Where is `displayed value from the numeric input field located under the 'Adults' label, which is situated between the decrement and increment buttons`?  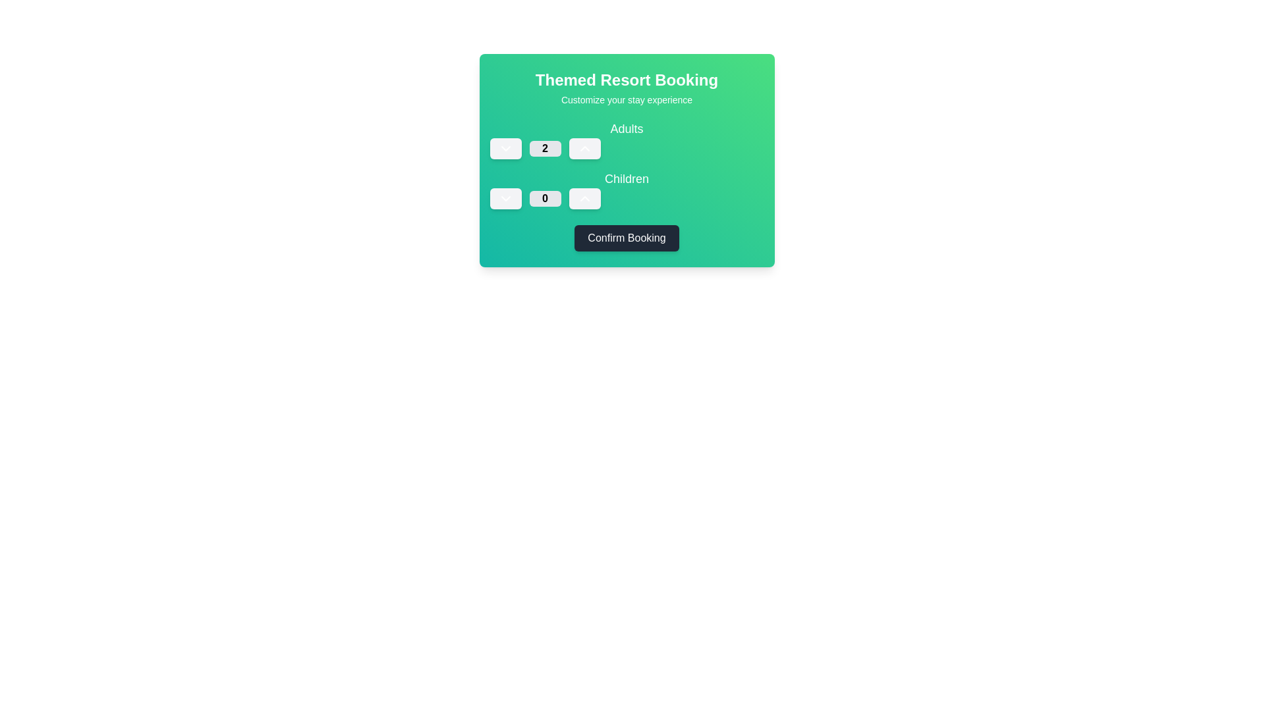 displayed value from the numeric input field located under the 'Adults' label, which is situated between the decrement and increment buttons is located at coordinates (545, 148).